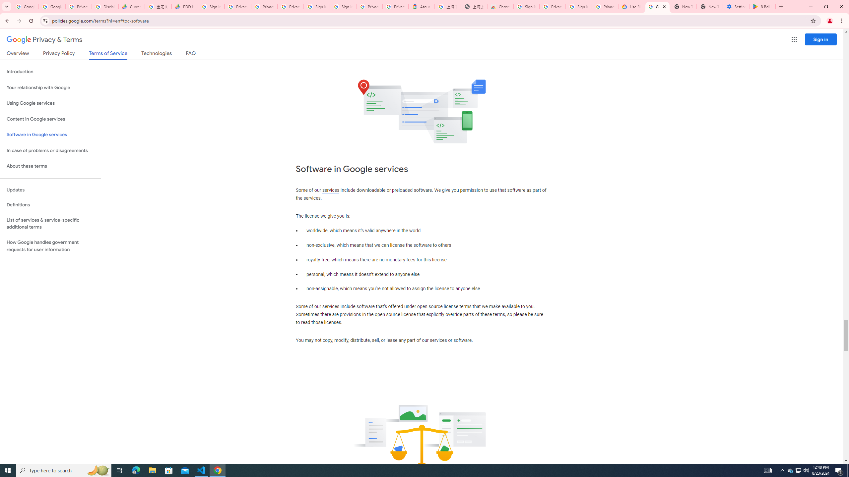 The height and width of the screenshot is (477, 849). I want to click on 'About these terms', so click(50, 166).